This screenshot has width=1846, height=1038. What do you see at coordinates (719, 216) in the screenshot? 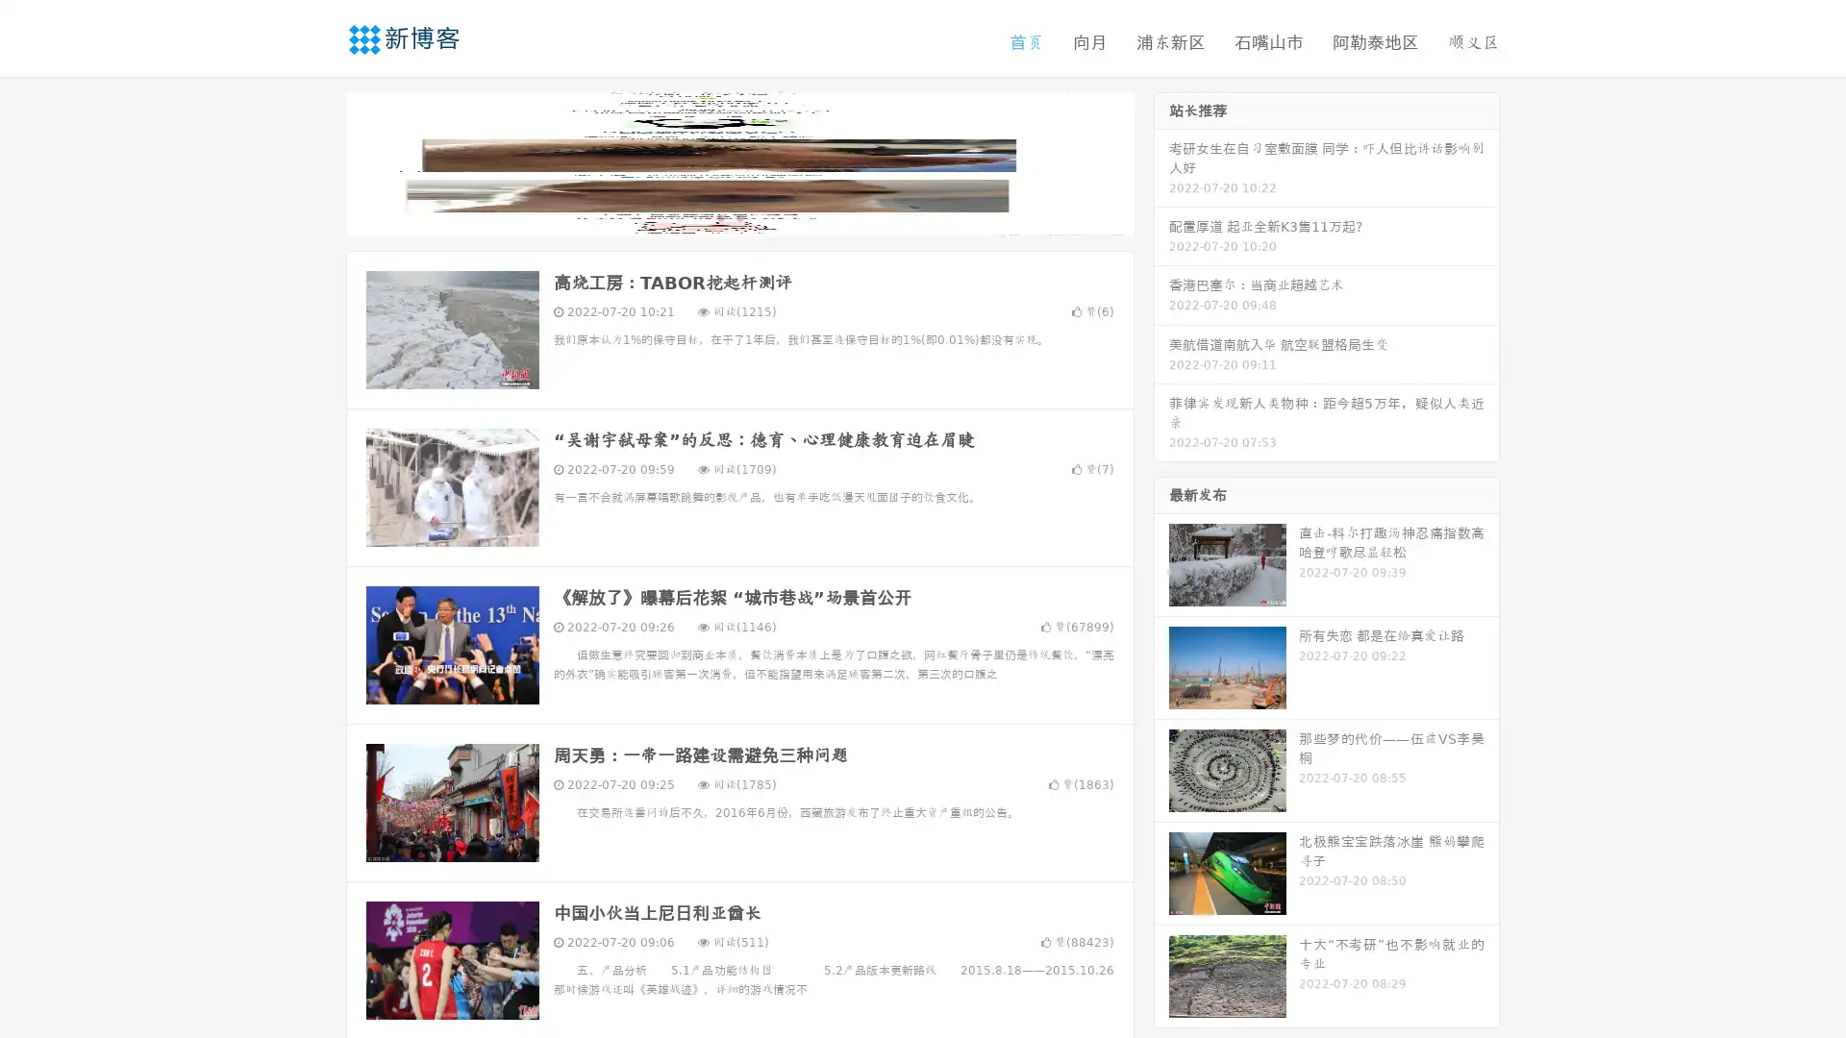
I see `Go to slide 1` at bounding box center [719, 216].